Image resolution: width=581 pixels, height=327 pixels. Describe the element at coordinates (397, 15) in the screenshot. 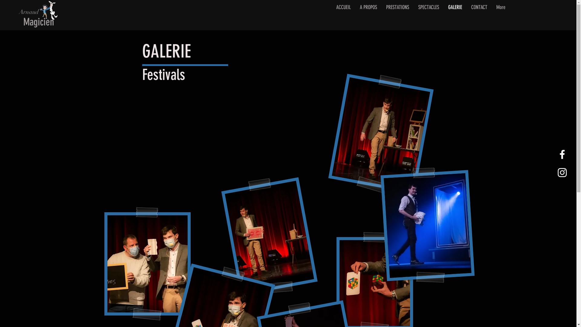

I see `'PRESTATIONS'` at that location.